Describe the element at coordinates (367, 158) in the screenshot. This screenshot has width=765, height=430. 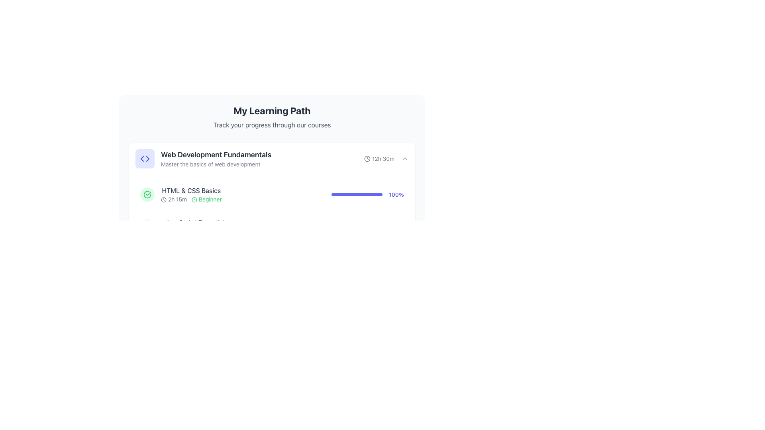
I see `the circle element that represents a part of the clock icon, located near the right end of the viewbox` at that location.